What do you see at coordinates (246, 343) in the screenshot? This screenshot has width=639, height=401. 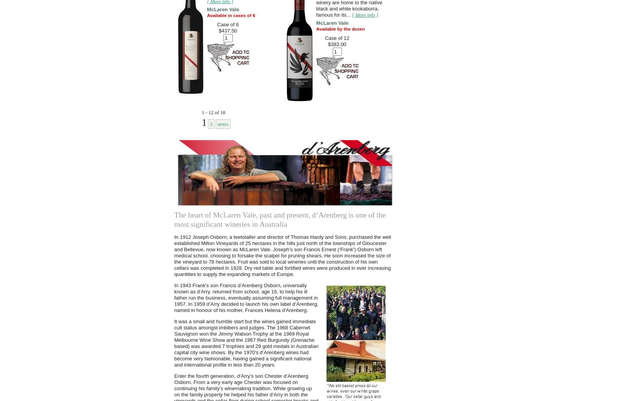 I see `'It was a small and humble start but the wines gained immediate cult status amongst imbibers and judges. The 1968 Cabernet Sauvignon won the Jimmy Watson Trophy at the 1969 Royal Melbourne Wine Show and the 1967 Red Burgundy (Grenache based) was awarded 7 trophies and 29 gold medals in Australian capital city wine shows. By the 1970’s d’Arenberg wines had become very fashionable, having gained a significant national and international profile in less than 20 years.'` at bounding box center [246, 343].